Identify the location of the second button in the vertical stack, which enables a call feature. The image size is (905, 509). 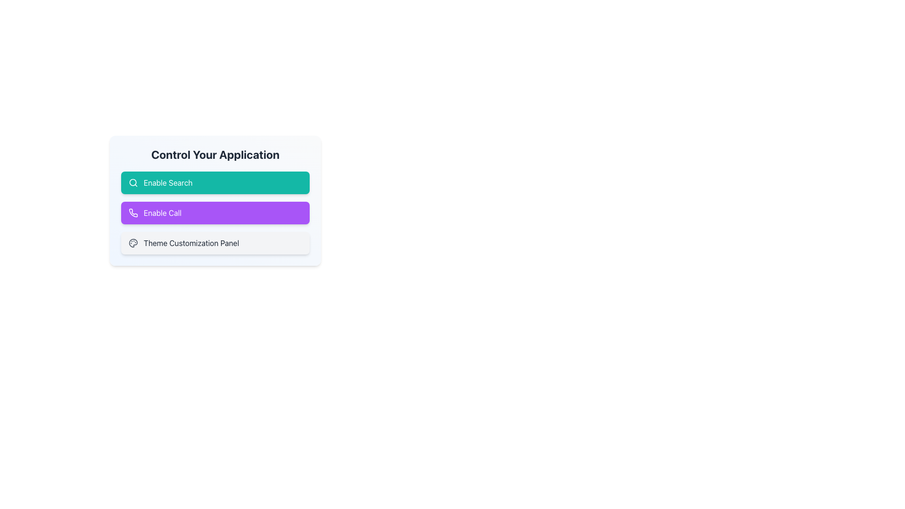
(214, 200).